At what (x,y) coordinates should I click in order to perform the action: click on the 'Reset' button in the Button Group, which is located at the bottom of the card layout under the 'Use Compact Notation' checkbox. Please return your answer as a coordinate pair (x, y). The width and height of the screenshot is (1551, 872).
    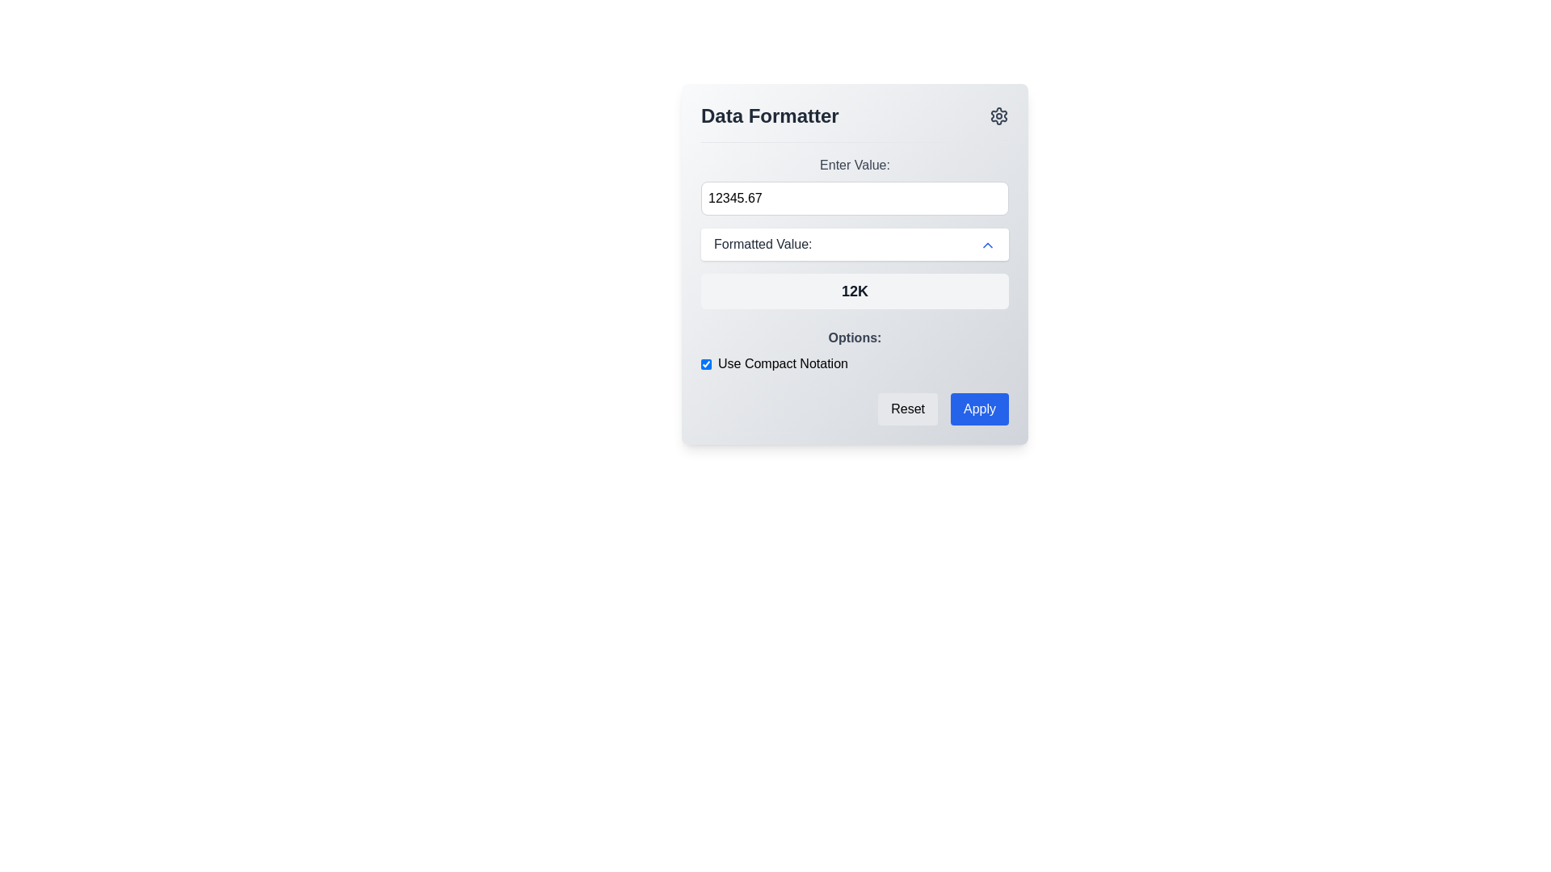
    Looking at the image, I should click on (854, 408).